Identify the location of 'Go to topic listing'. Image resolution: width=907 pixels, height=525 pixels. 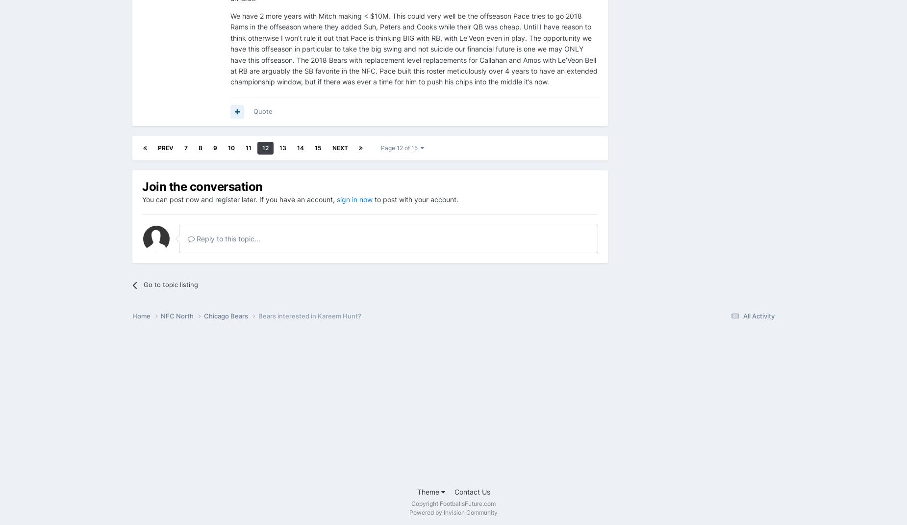
(170, 283).